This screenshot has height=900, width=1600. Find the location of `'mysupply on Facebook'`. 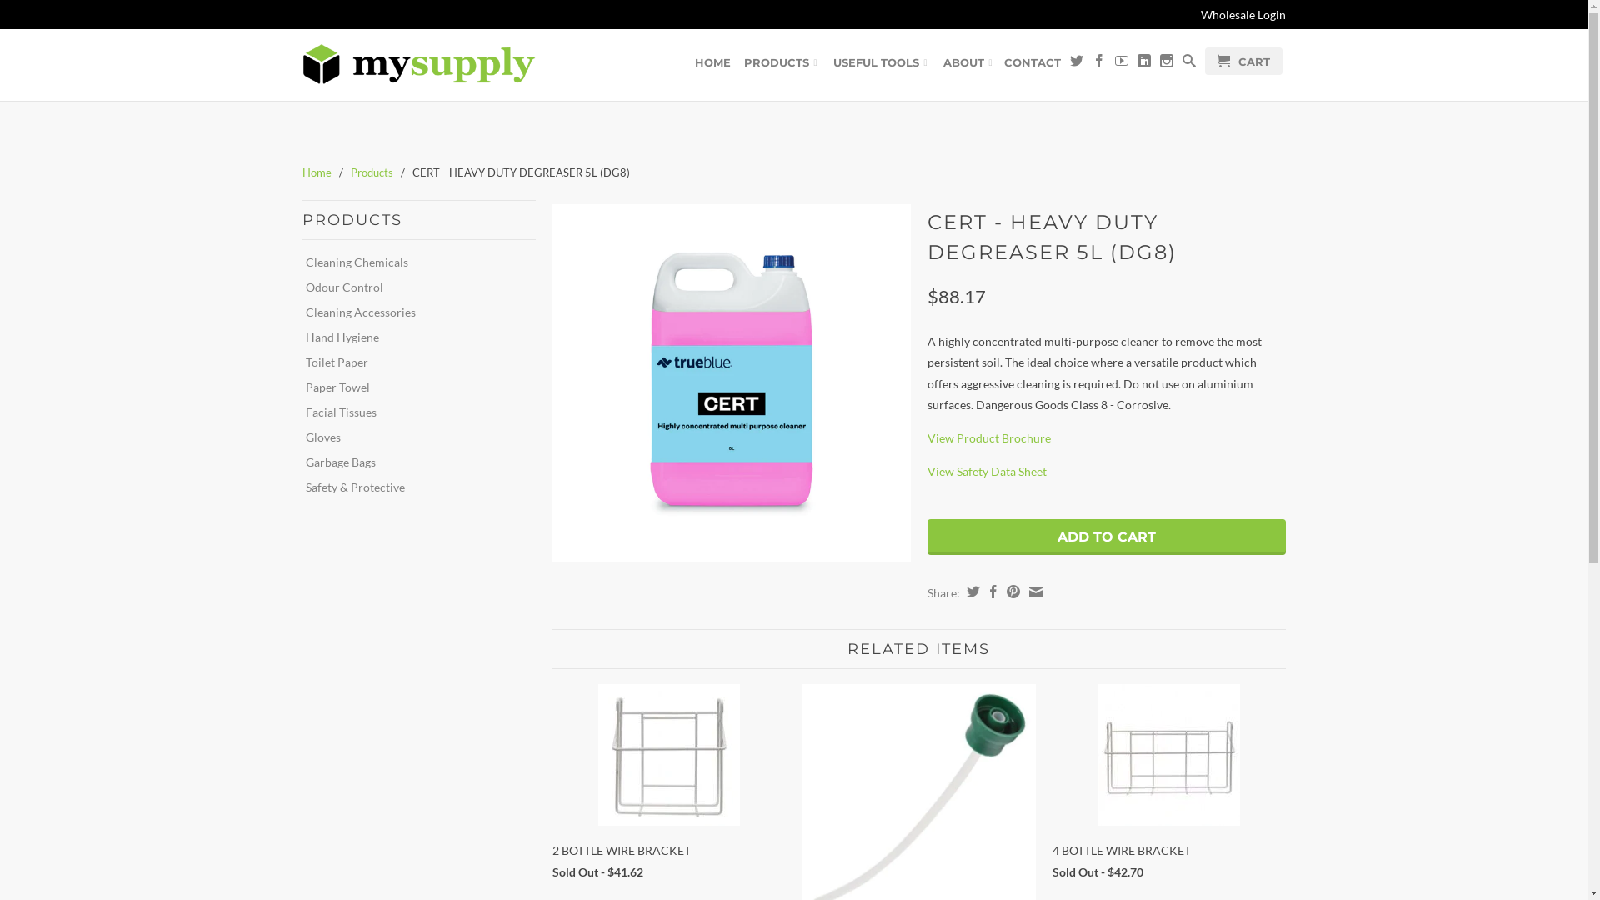

'mysupply on Facebook' is located at coordinates (1098, 63).